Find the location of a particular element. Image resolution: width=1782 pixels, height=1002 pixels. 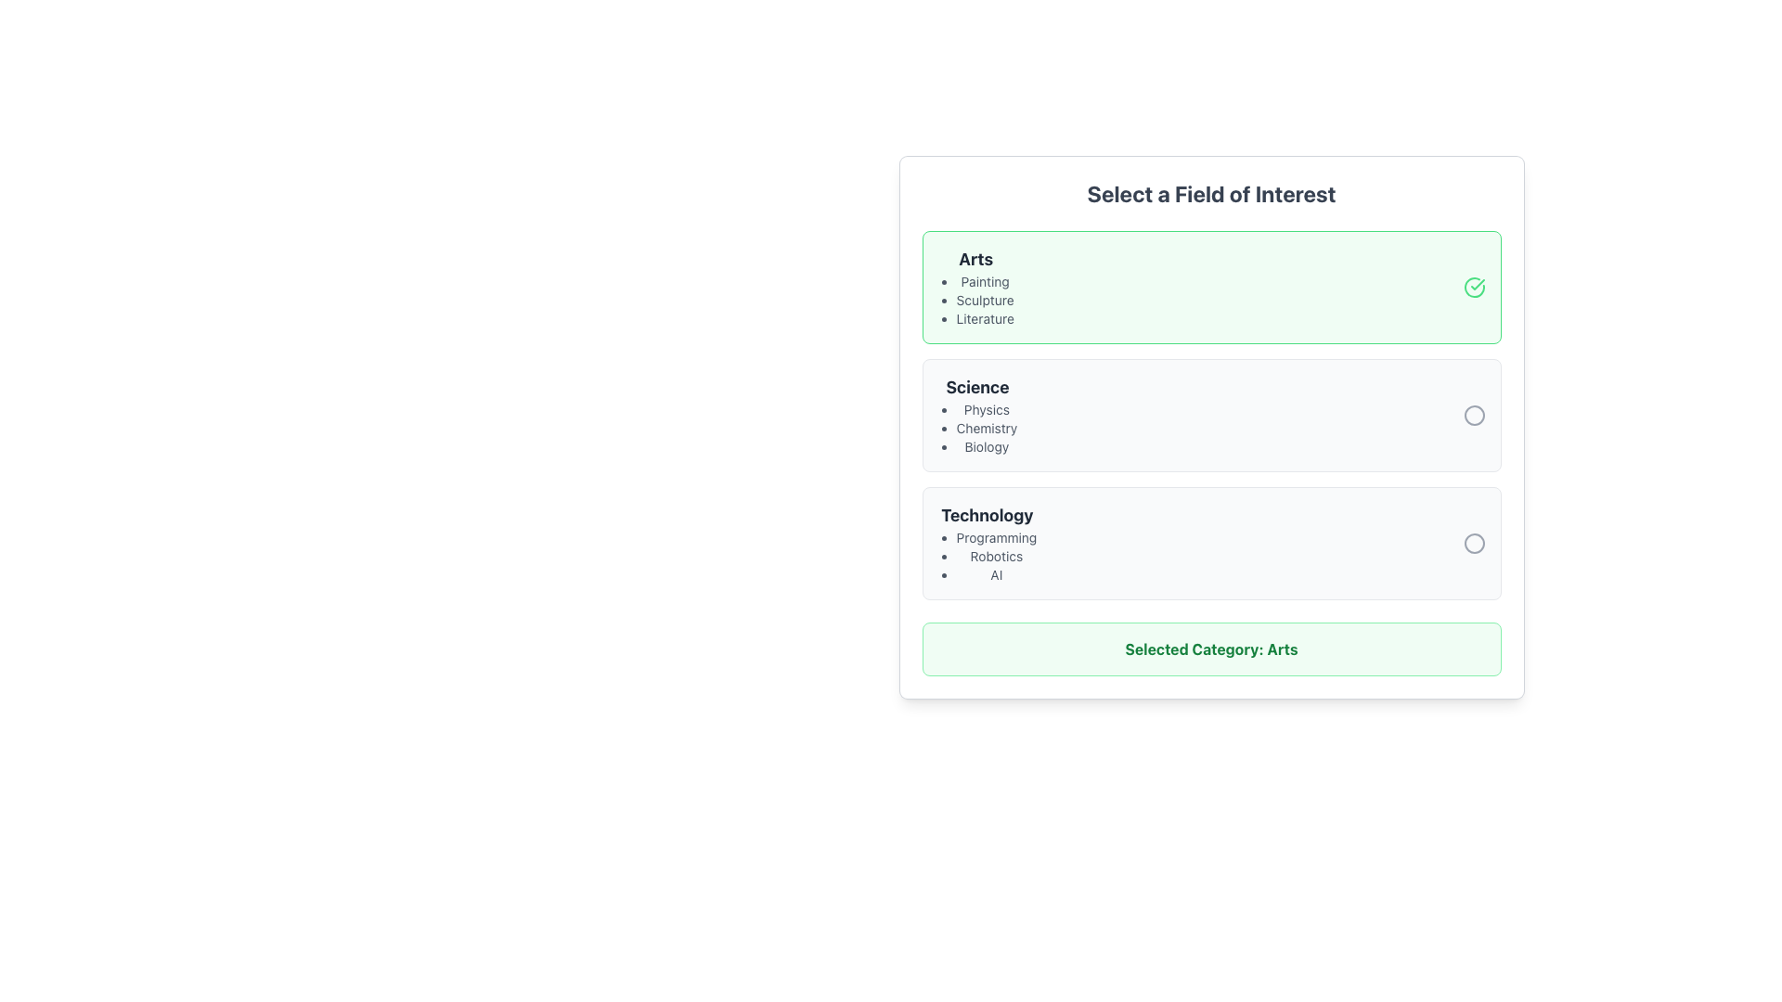

the 'Science' section which contains a vertically-aligned list of items including 'Physics', 'Chemistry', and 'Biology' is located at coordinates (976, 414).